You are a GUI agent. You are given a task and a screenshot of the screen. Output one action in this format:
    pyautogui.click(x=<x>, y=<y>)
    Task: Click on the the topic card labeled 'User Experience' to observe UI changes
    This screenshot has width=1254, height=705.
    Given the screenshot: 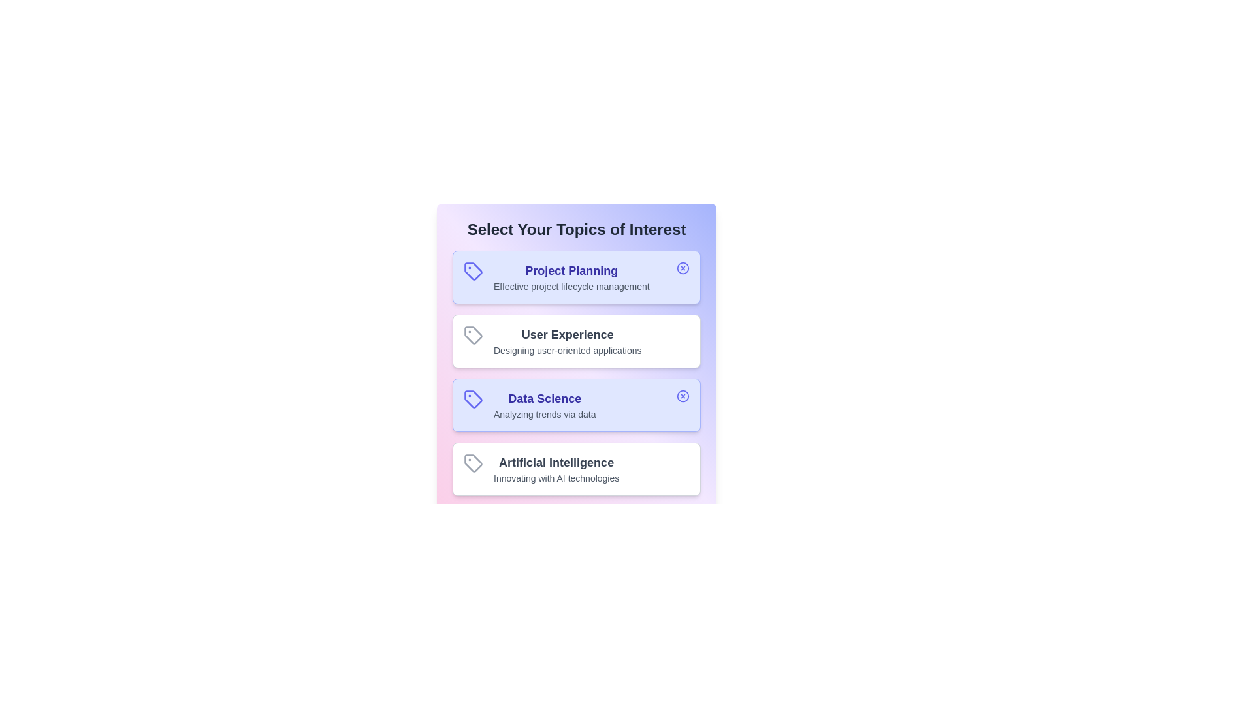 What is the action you would take?
    pyautogui.click(x=576, y=341)
    